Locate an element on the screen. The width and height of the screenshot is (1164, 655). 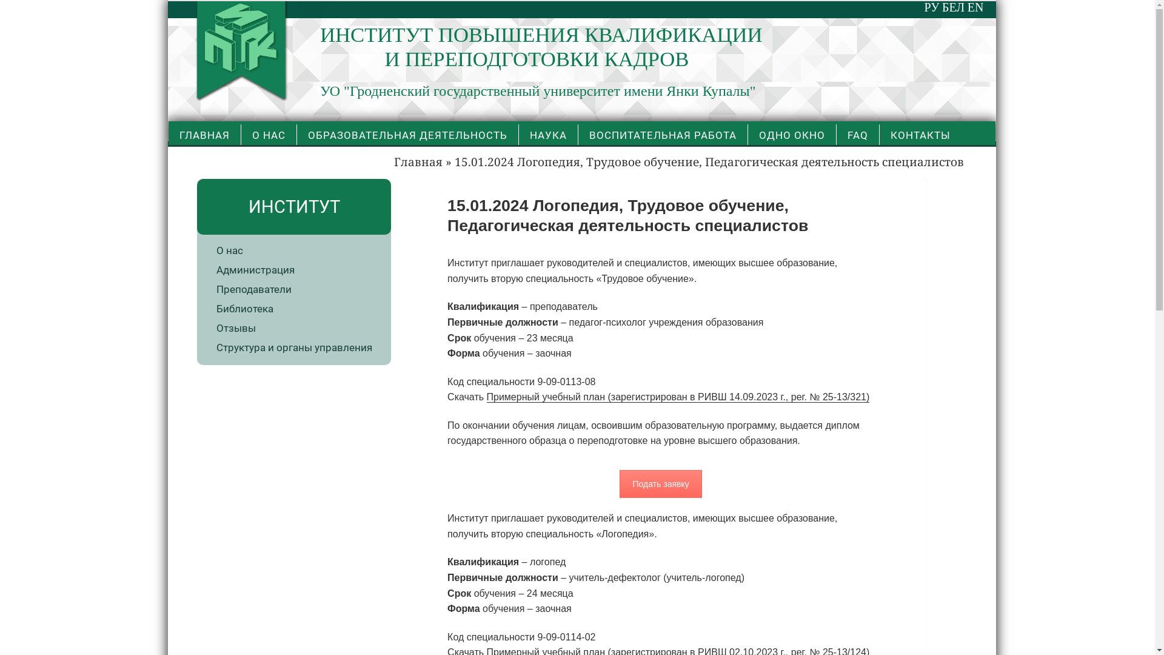
'EN' is located at coordinates (975, 7).